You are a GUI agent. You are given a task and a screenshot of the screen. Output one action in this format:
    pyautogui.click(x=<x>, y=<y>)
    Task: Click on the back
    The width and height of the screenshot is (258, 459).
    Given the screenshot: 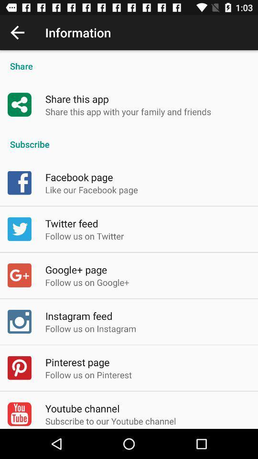 What is the action you would take?
    pyautogui.click(x=17, y=33)
    